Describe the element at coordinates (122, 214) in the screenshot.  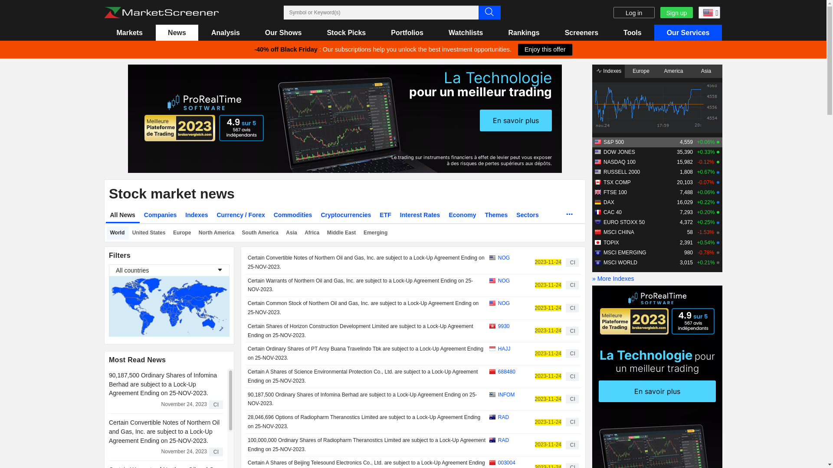
I see `'All News'` at that location.